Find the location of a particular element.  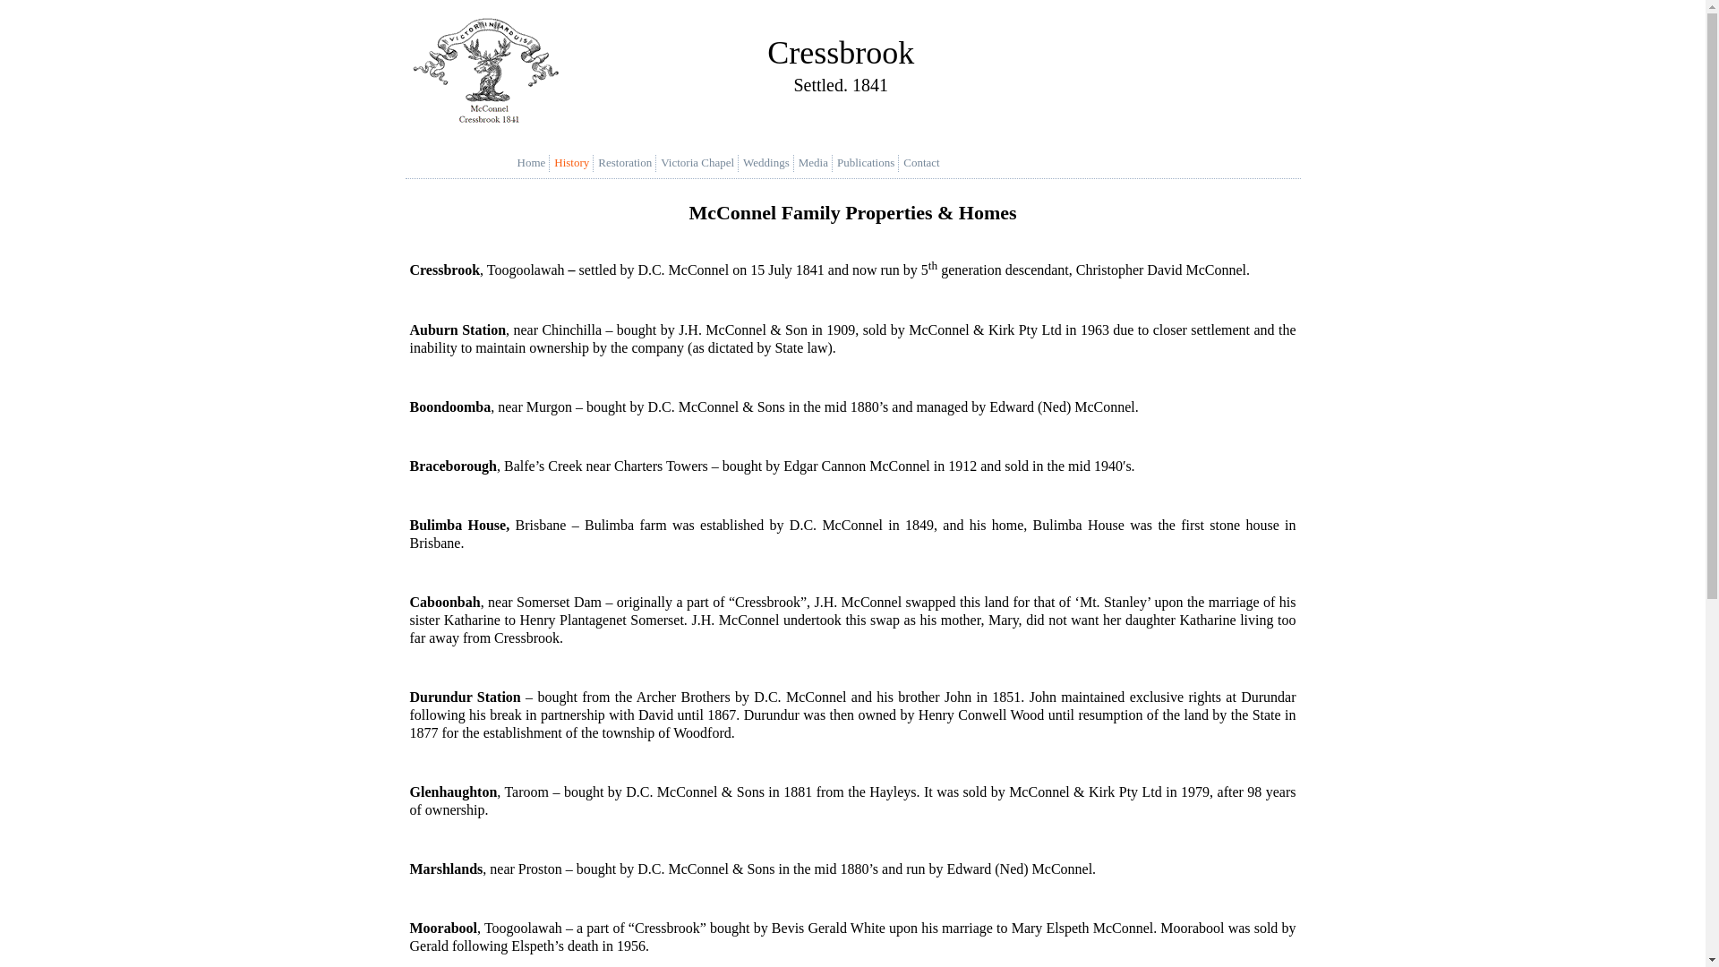

'Weddings' is located at coordinates (770, 162).